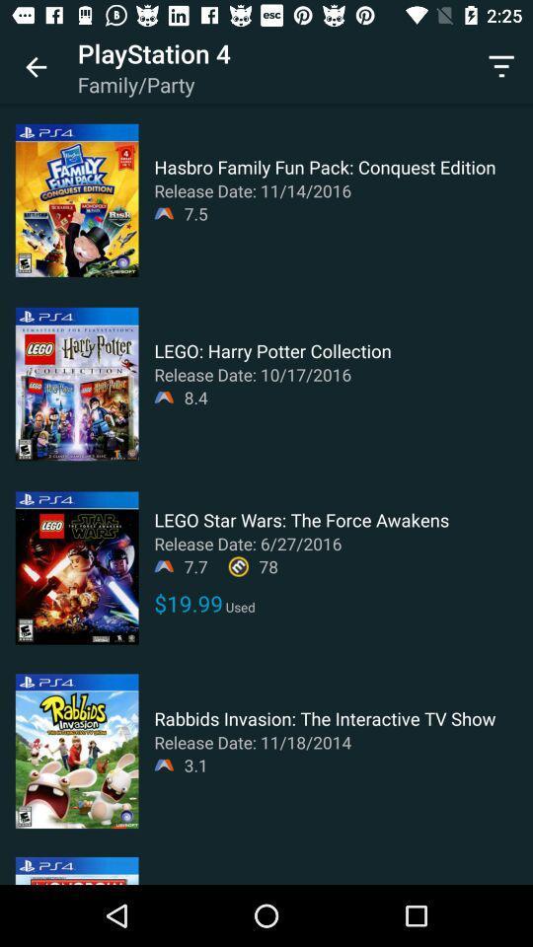 The image size is (533, 947). What do you see at coordinates (501, 67) in the screenshot?
I see `the item to the right of playstation 4 item` at bounding box center [501, 67].